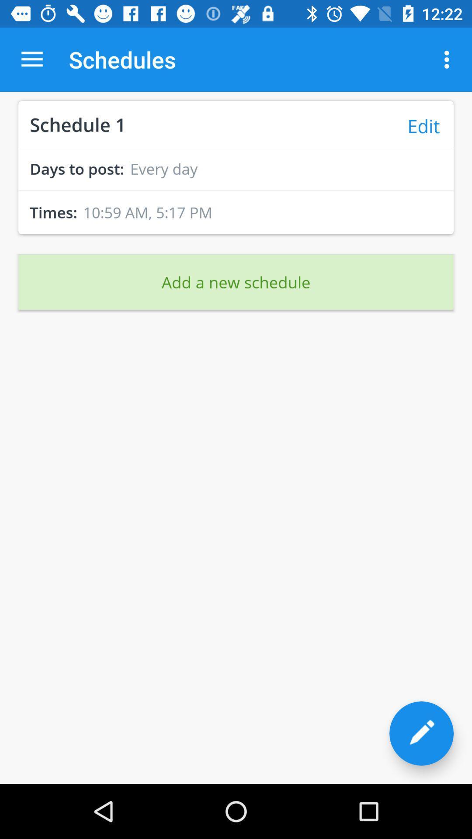 This screenshot has height=839, width=472. Describe the element at coordinates (51, 212) in the screenshot. I see `the times: icon` at that location.